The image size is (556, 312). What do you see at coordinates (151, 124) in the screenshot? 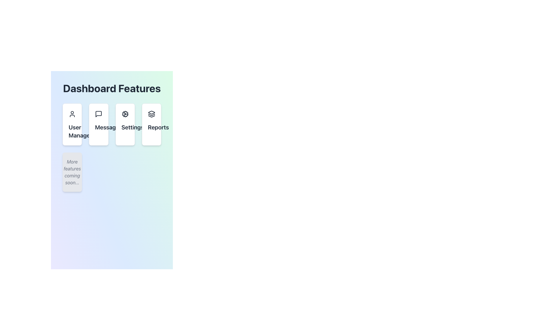
I see `the navigation button located at the fourth position in a horizontal row of buttons, which redirects users to the Reports section` at bounding box center [151, 124].